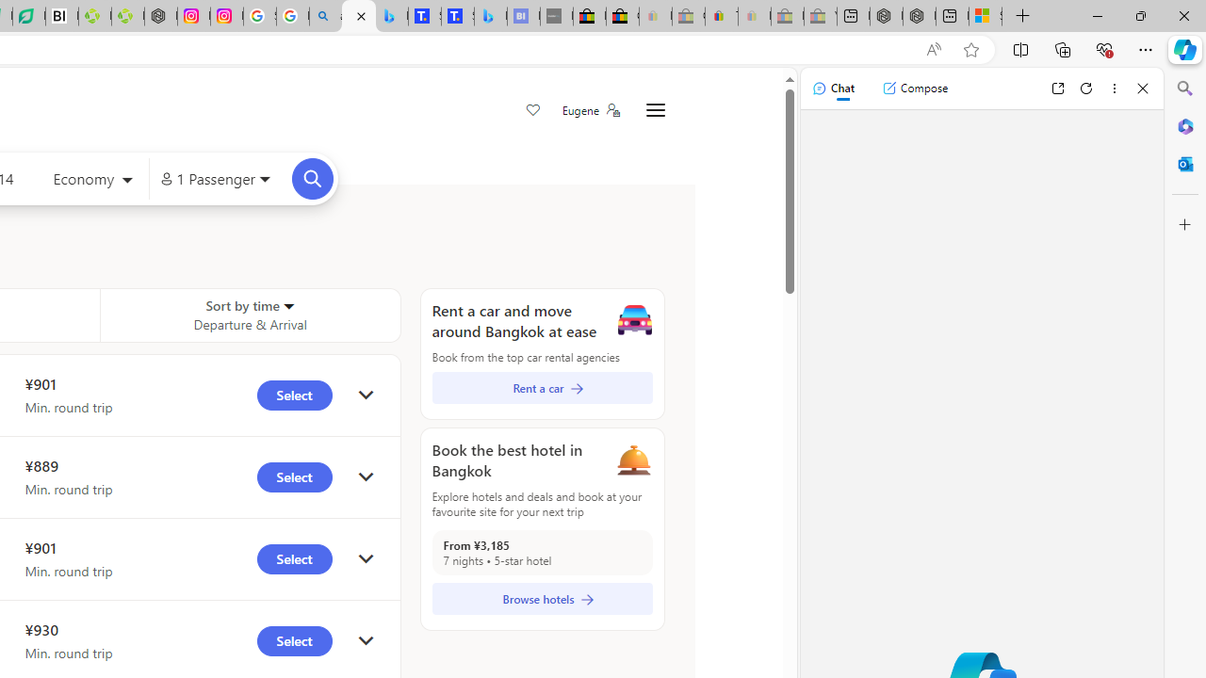  Describe the element at coordinates (787, 16) in the screenshot. I see `'Press Room - eBay Inc. - Sleeping'` at that location.